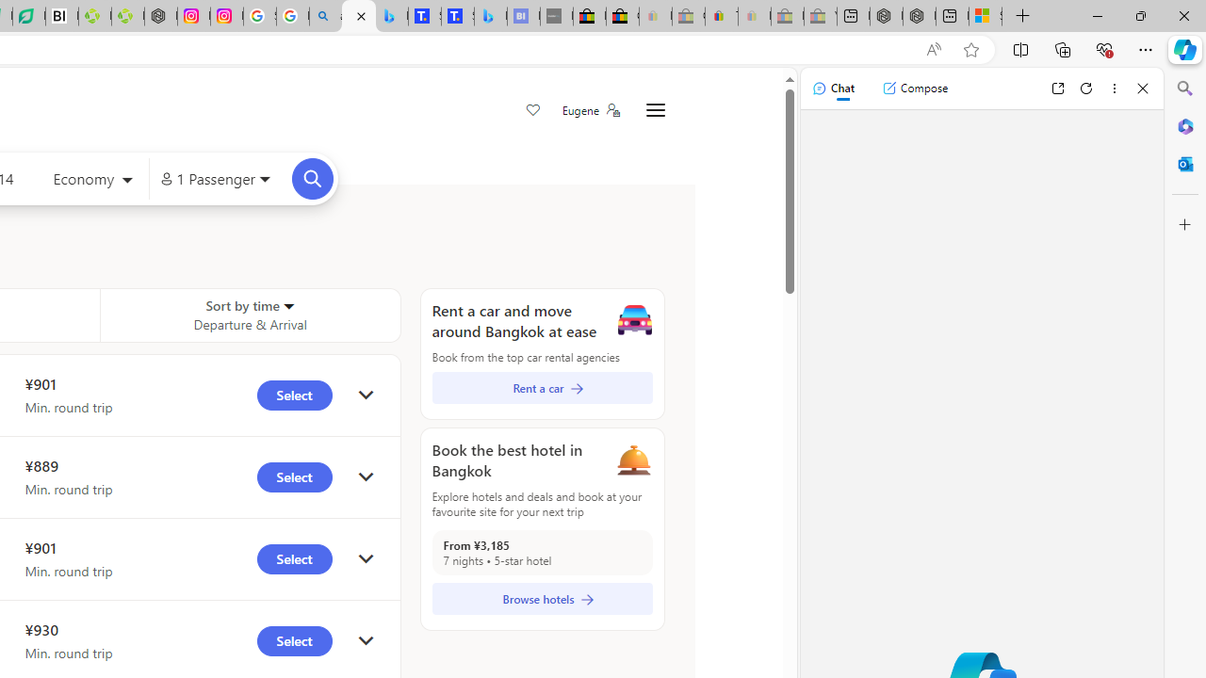  Describe the element at coordinates (787, 16) in the screenshot. I see `'Press Room - eBay Inc. - Sleeping'` at that location.